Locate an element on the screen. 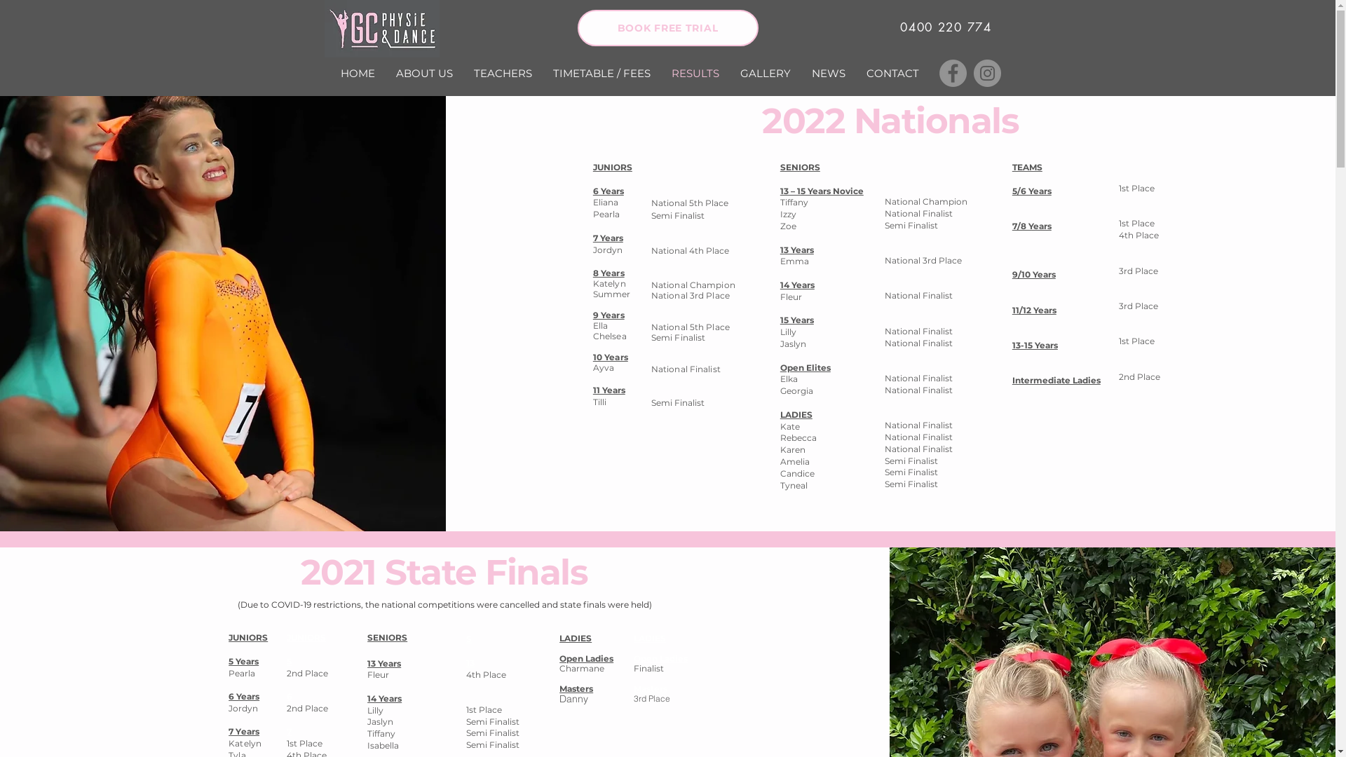 Image resolution: width=1346 pixels, height=757 pixels. 'HOME' is located at coordinates (357, 73).